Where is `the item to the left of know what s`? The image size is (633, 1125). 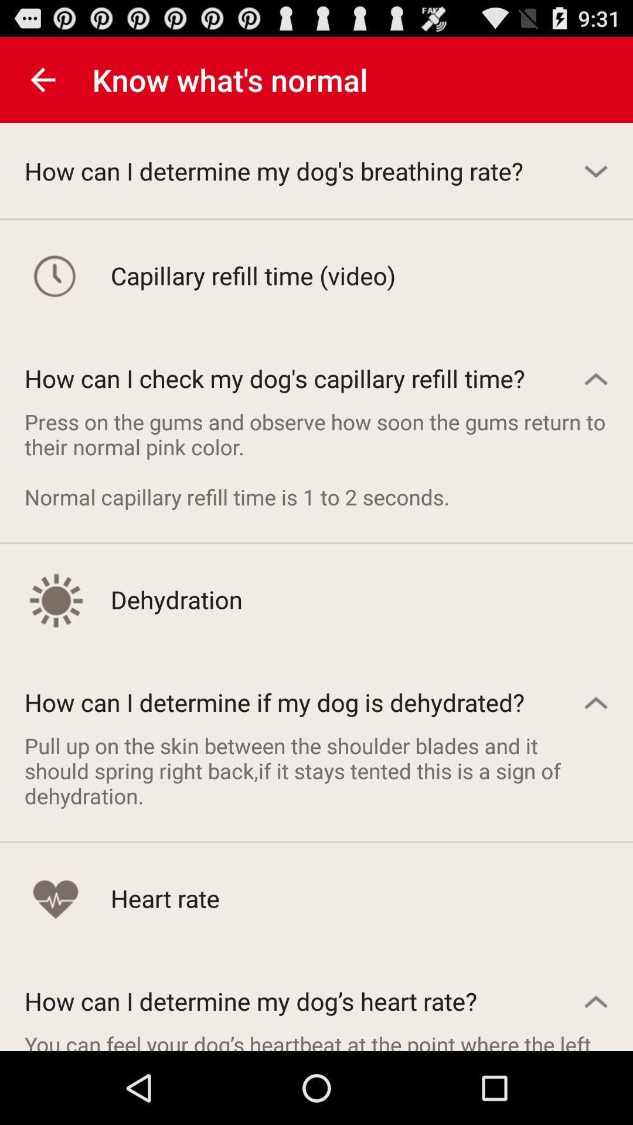 the item to the left of know what s is located at coordinates (42, 79).